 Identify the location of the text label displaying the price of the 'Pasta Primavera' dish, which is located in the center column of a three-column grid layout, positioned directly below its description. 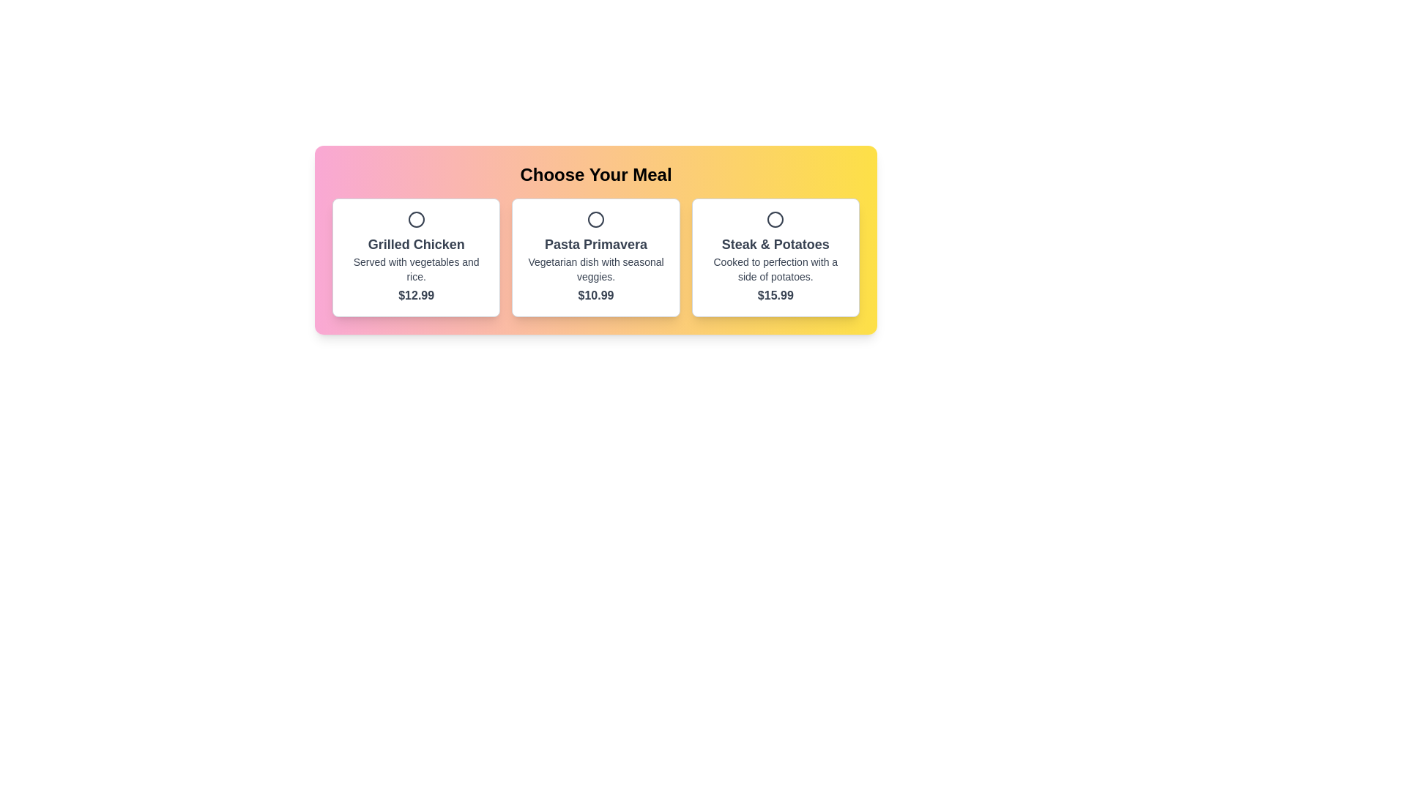
(596, 296).